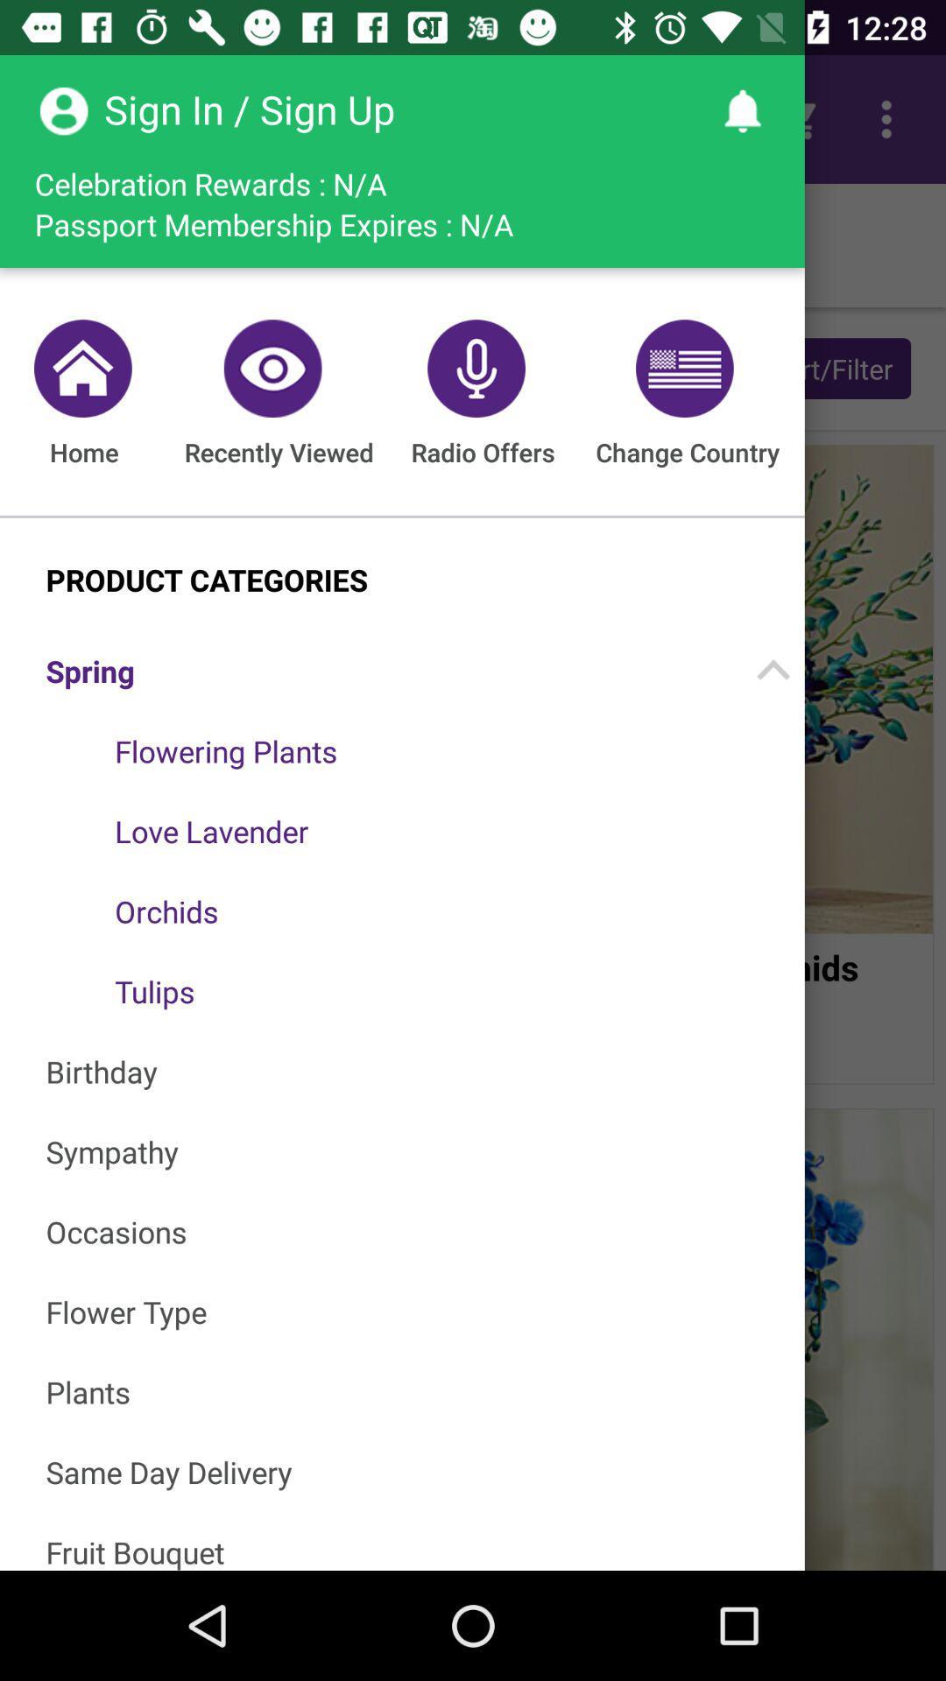  I want to click on the icon which is above change country, so click(681, 368).